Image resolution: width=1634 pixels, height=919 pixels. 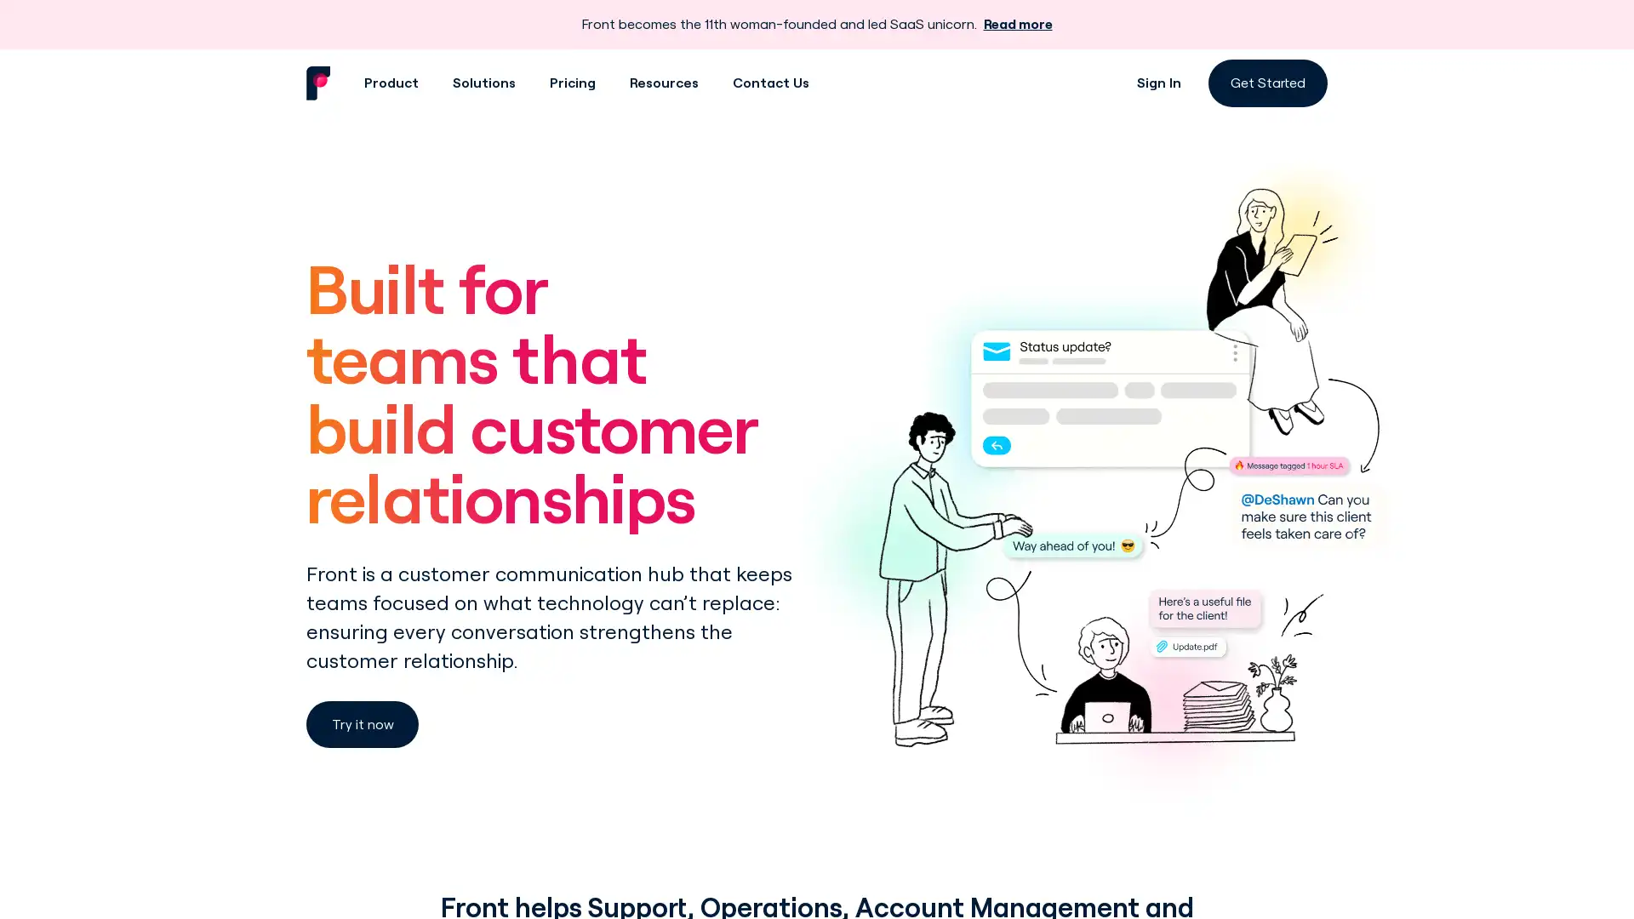 What do you see at coordinates (1267, 83) in the screenshot?
I see `Get Started` at bounding box center [1267, 83].